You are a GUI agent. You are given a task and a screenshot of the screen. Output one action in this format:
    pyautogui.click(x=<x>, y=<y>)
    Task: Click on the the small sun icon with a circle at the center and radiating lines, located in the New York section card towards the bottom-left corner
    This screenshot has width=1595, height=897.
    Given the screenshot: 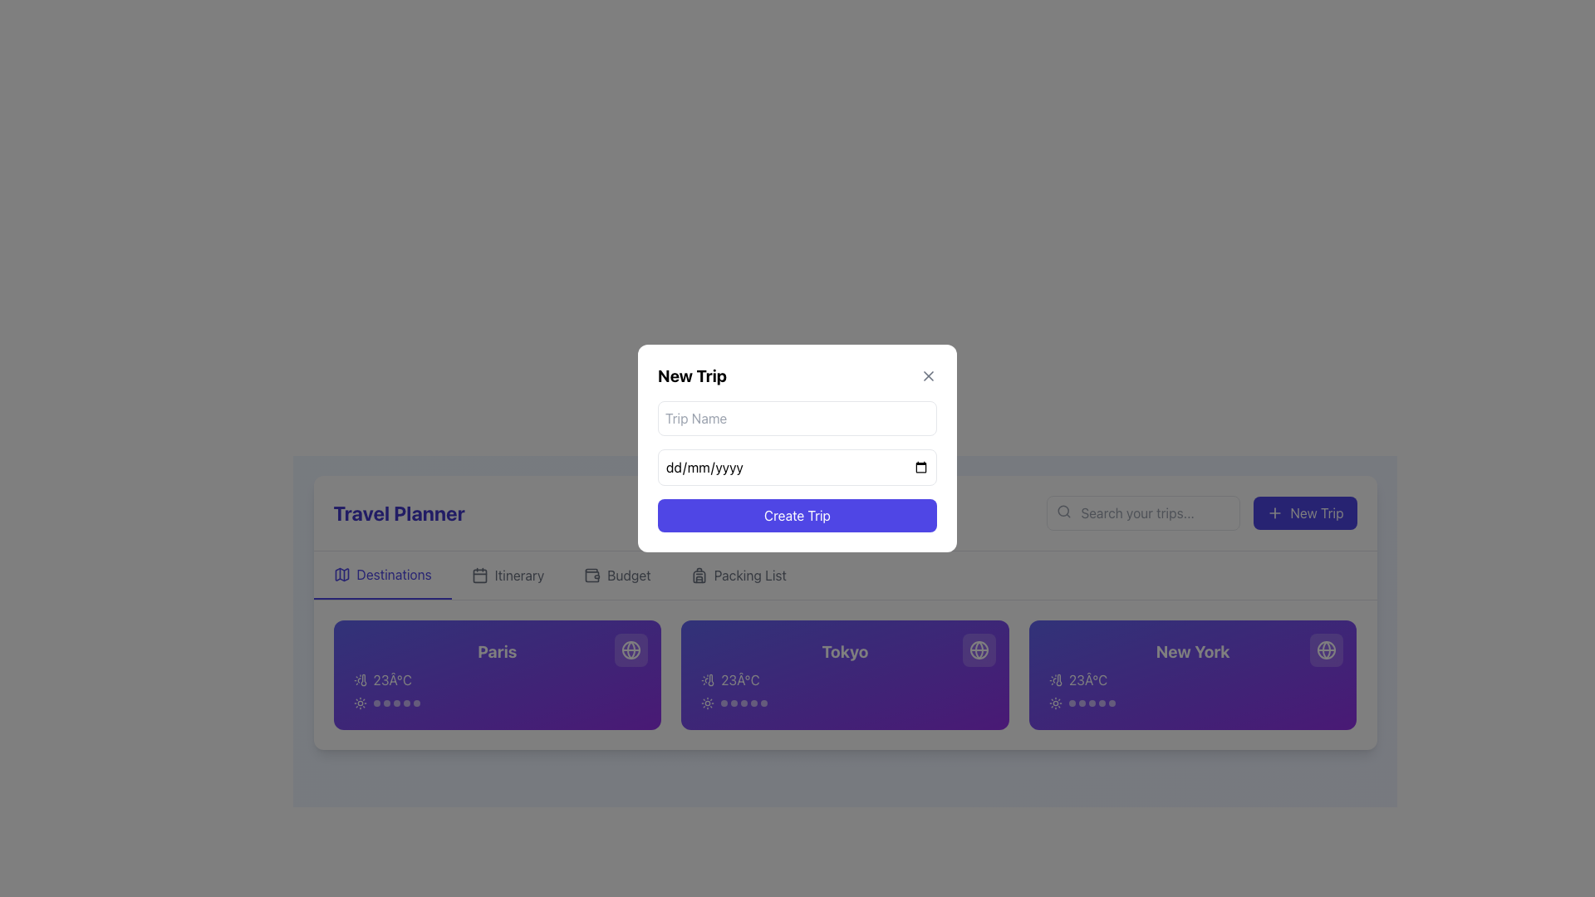 What is the action you would take?
    pyautogui.click(x=1054, y=703)
    